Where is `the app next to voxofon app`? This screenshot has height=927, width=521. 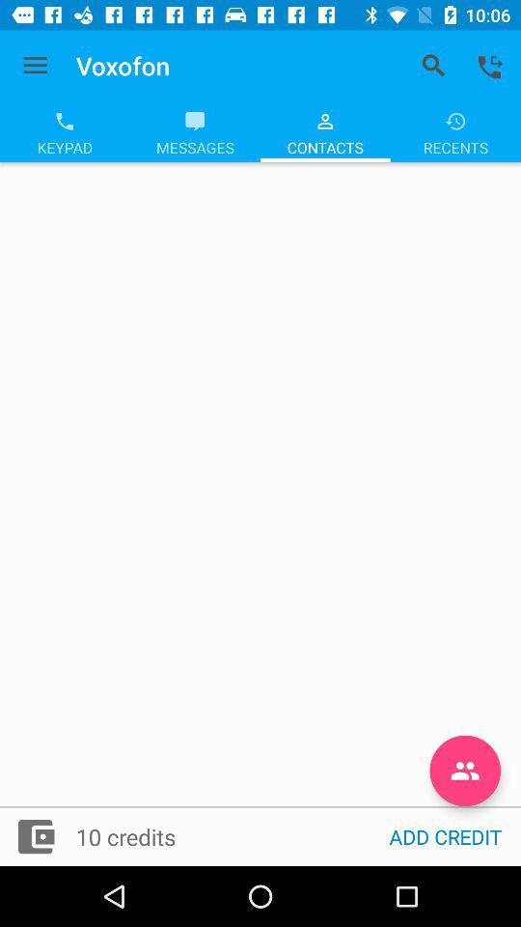
the app next to voxofon app is located at coordinates (35, 66).